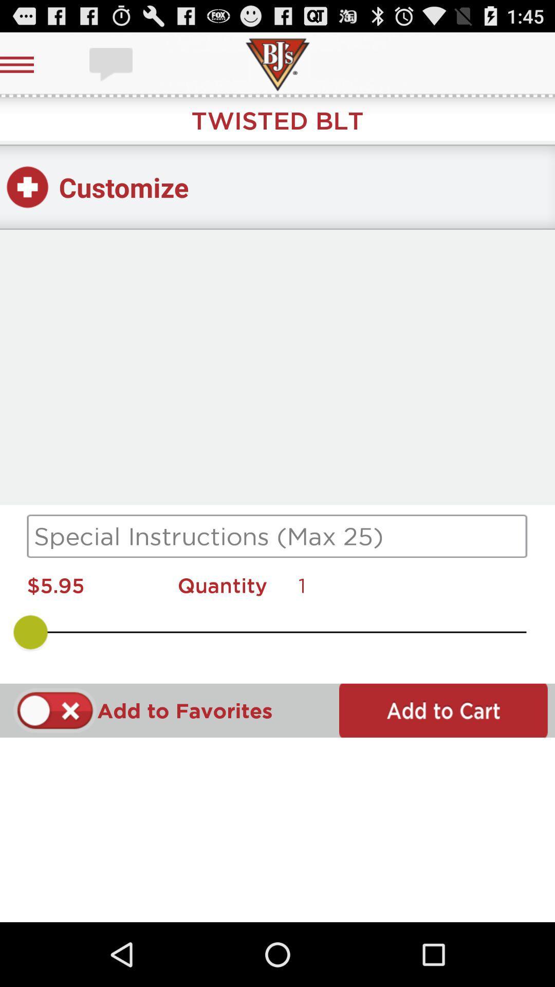 This screenshot has width=555, height=987. I want to click on to cart, so click(442, 710).